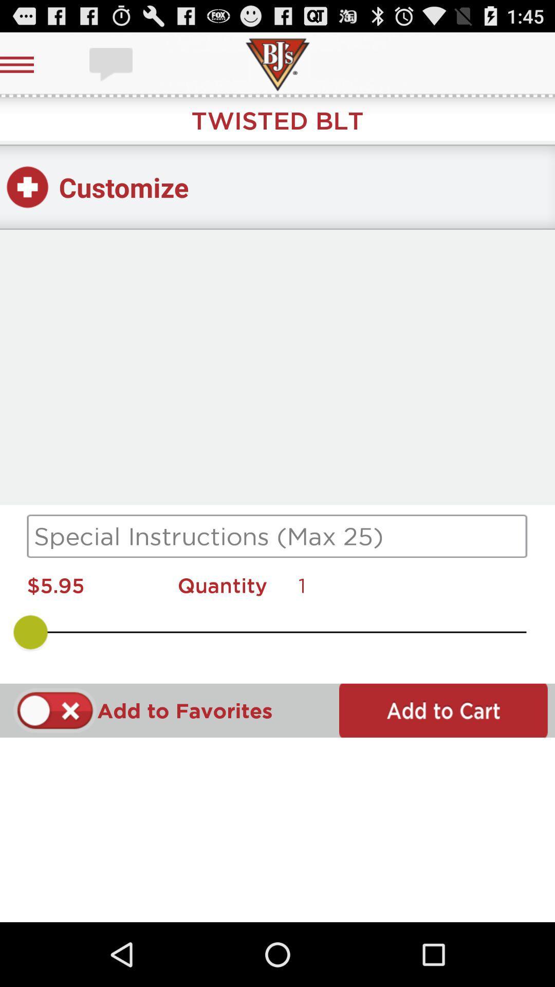 This screenshot has width=555, height=987. I want to click on to cart, so click(442, 710).